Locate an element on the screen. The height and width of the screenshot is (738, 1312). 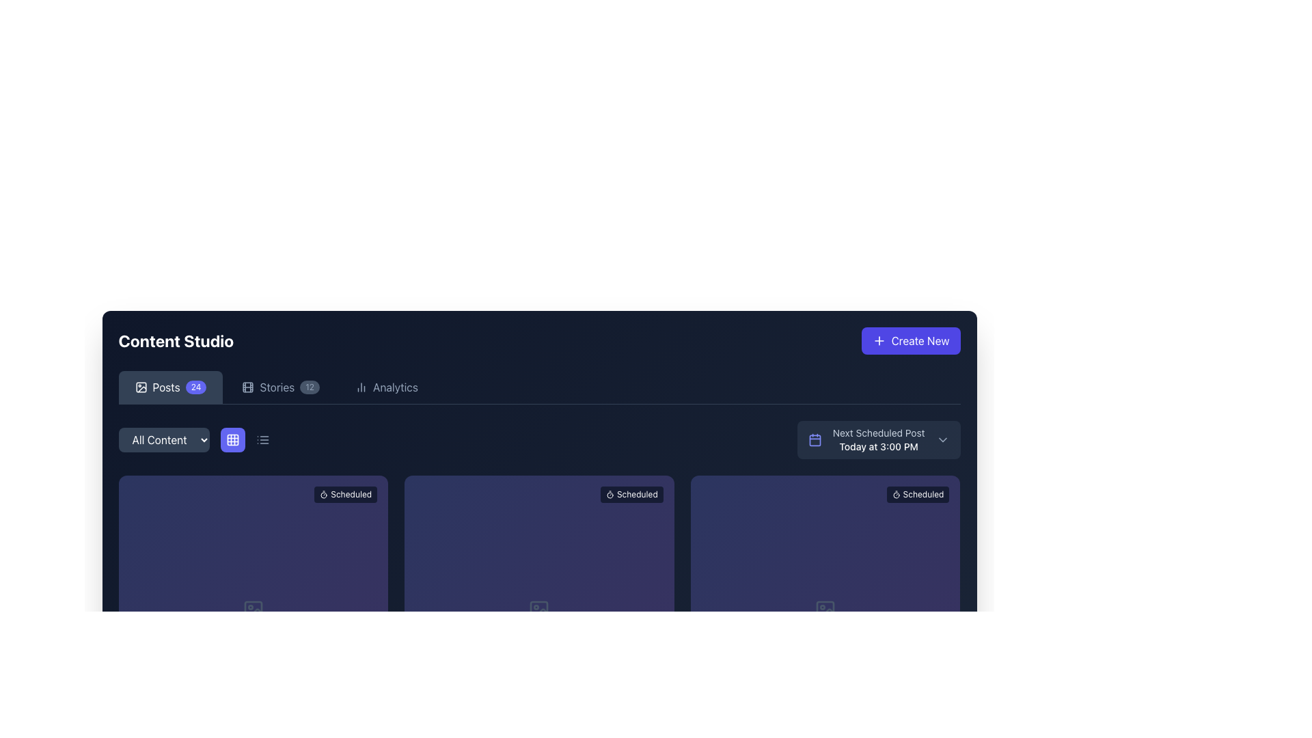
the Badge or Counter displaying the numeric value '12' located in the 'Stories' section, immediately to the right of the text 'Stories' is located at coordinates (309, 387).